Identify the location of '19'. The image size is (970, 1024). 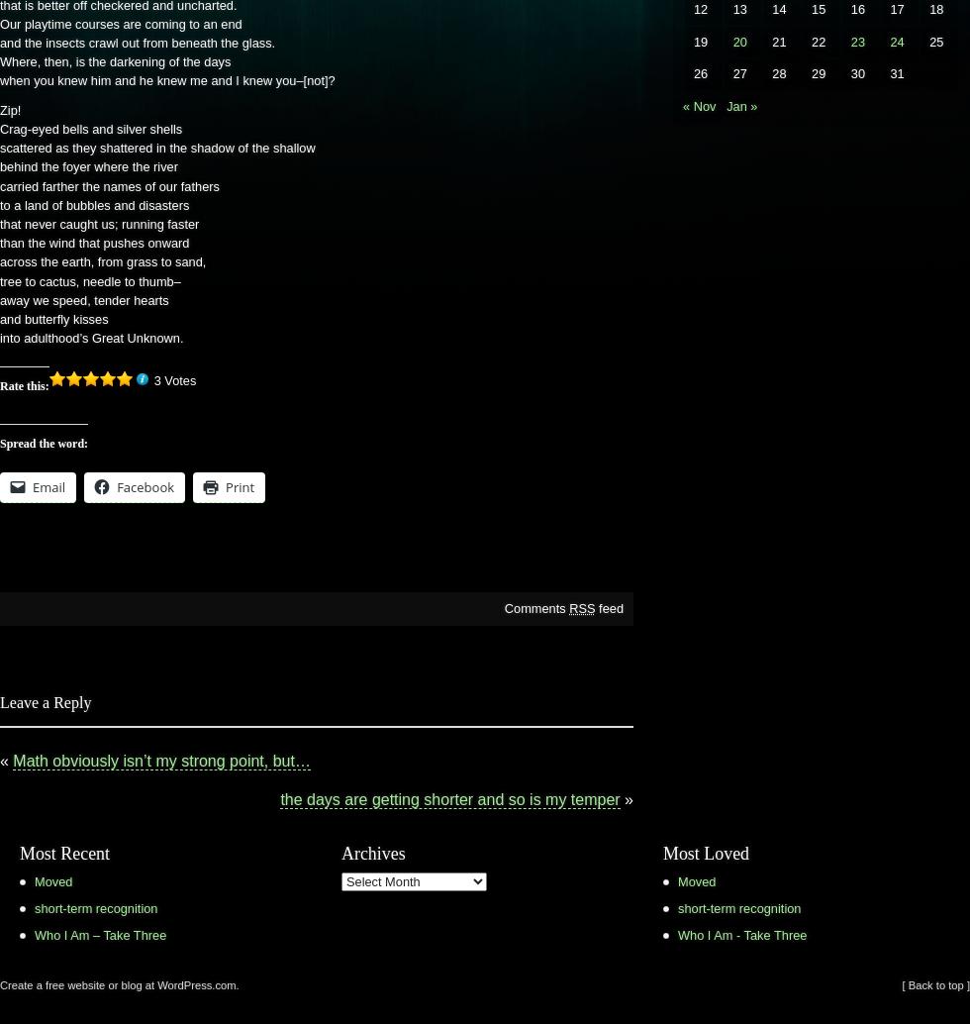
(693, 41).